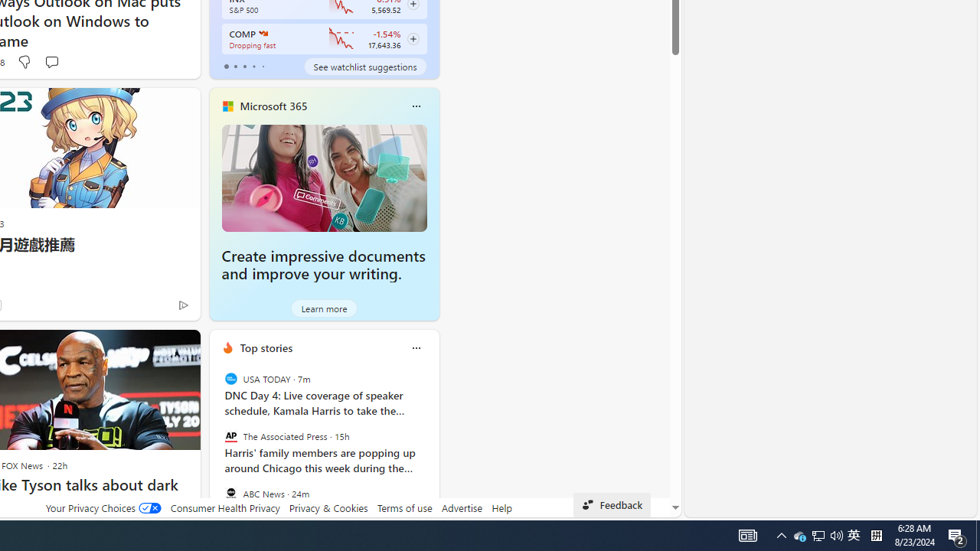  Describe the element at coordinates (230, 379) in the screenshot. I see `'USA TODAY'` at that location.